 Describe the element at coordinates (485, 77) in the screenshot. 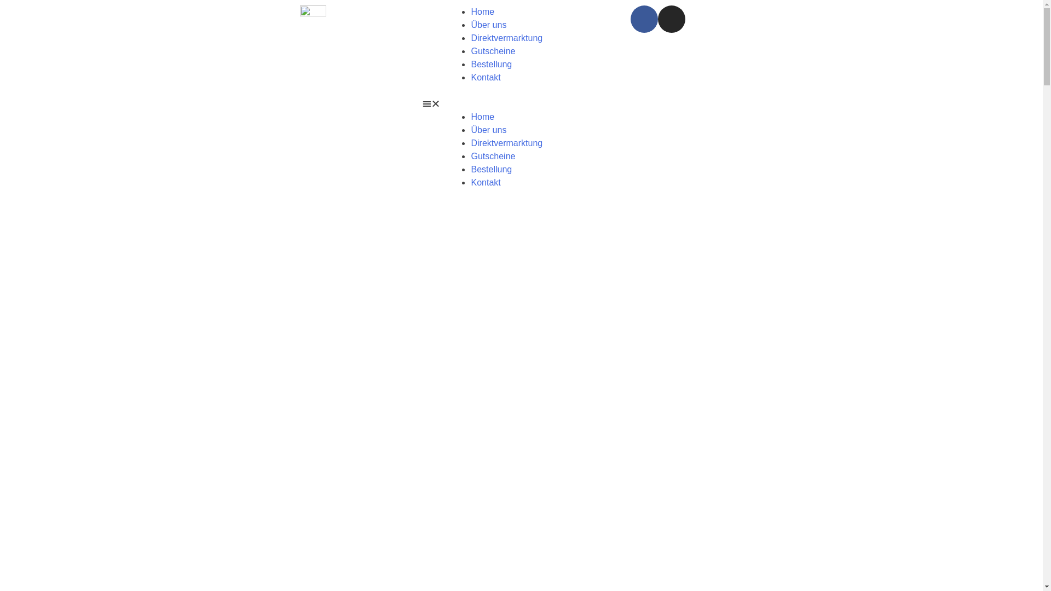

I see `'Kontakt'` at that location.